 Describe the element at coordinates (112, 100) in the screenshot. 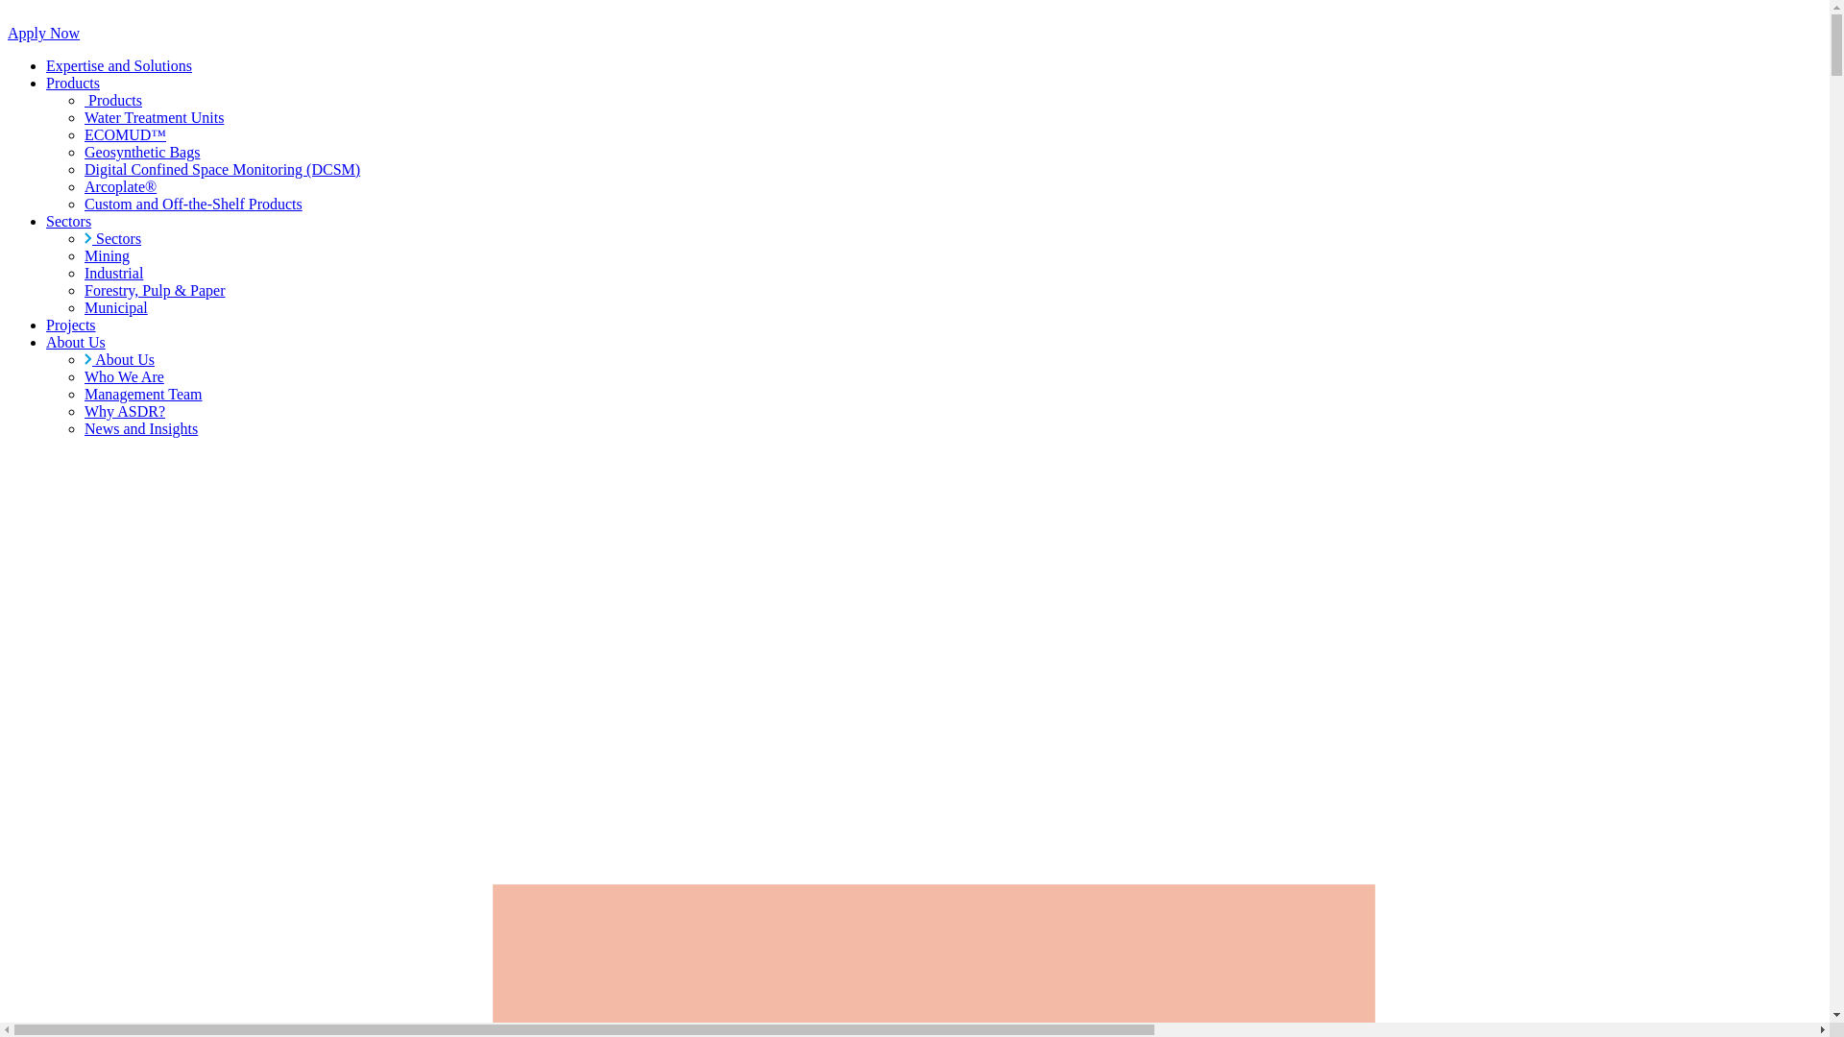

I see `'Products'` at that location.